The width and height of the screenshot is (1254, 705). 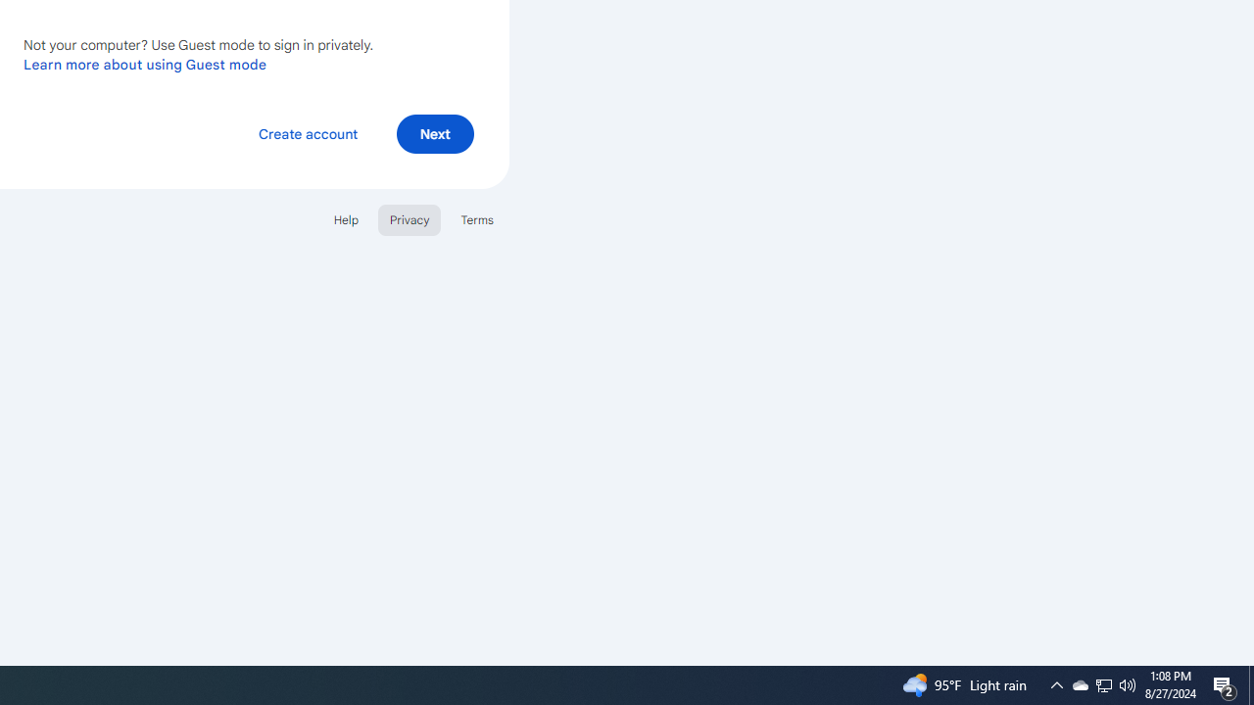 I want to click on 'Learn more about using Guest mode', so click(x=144, y=63).